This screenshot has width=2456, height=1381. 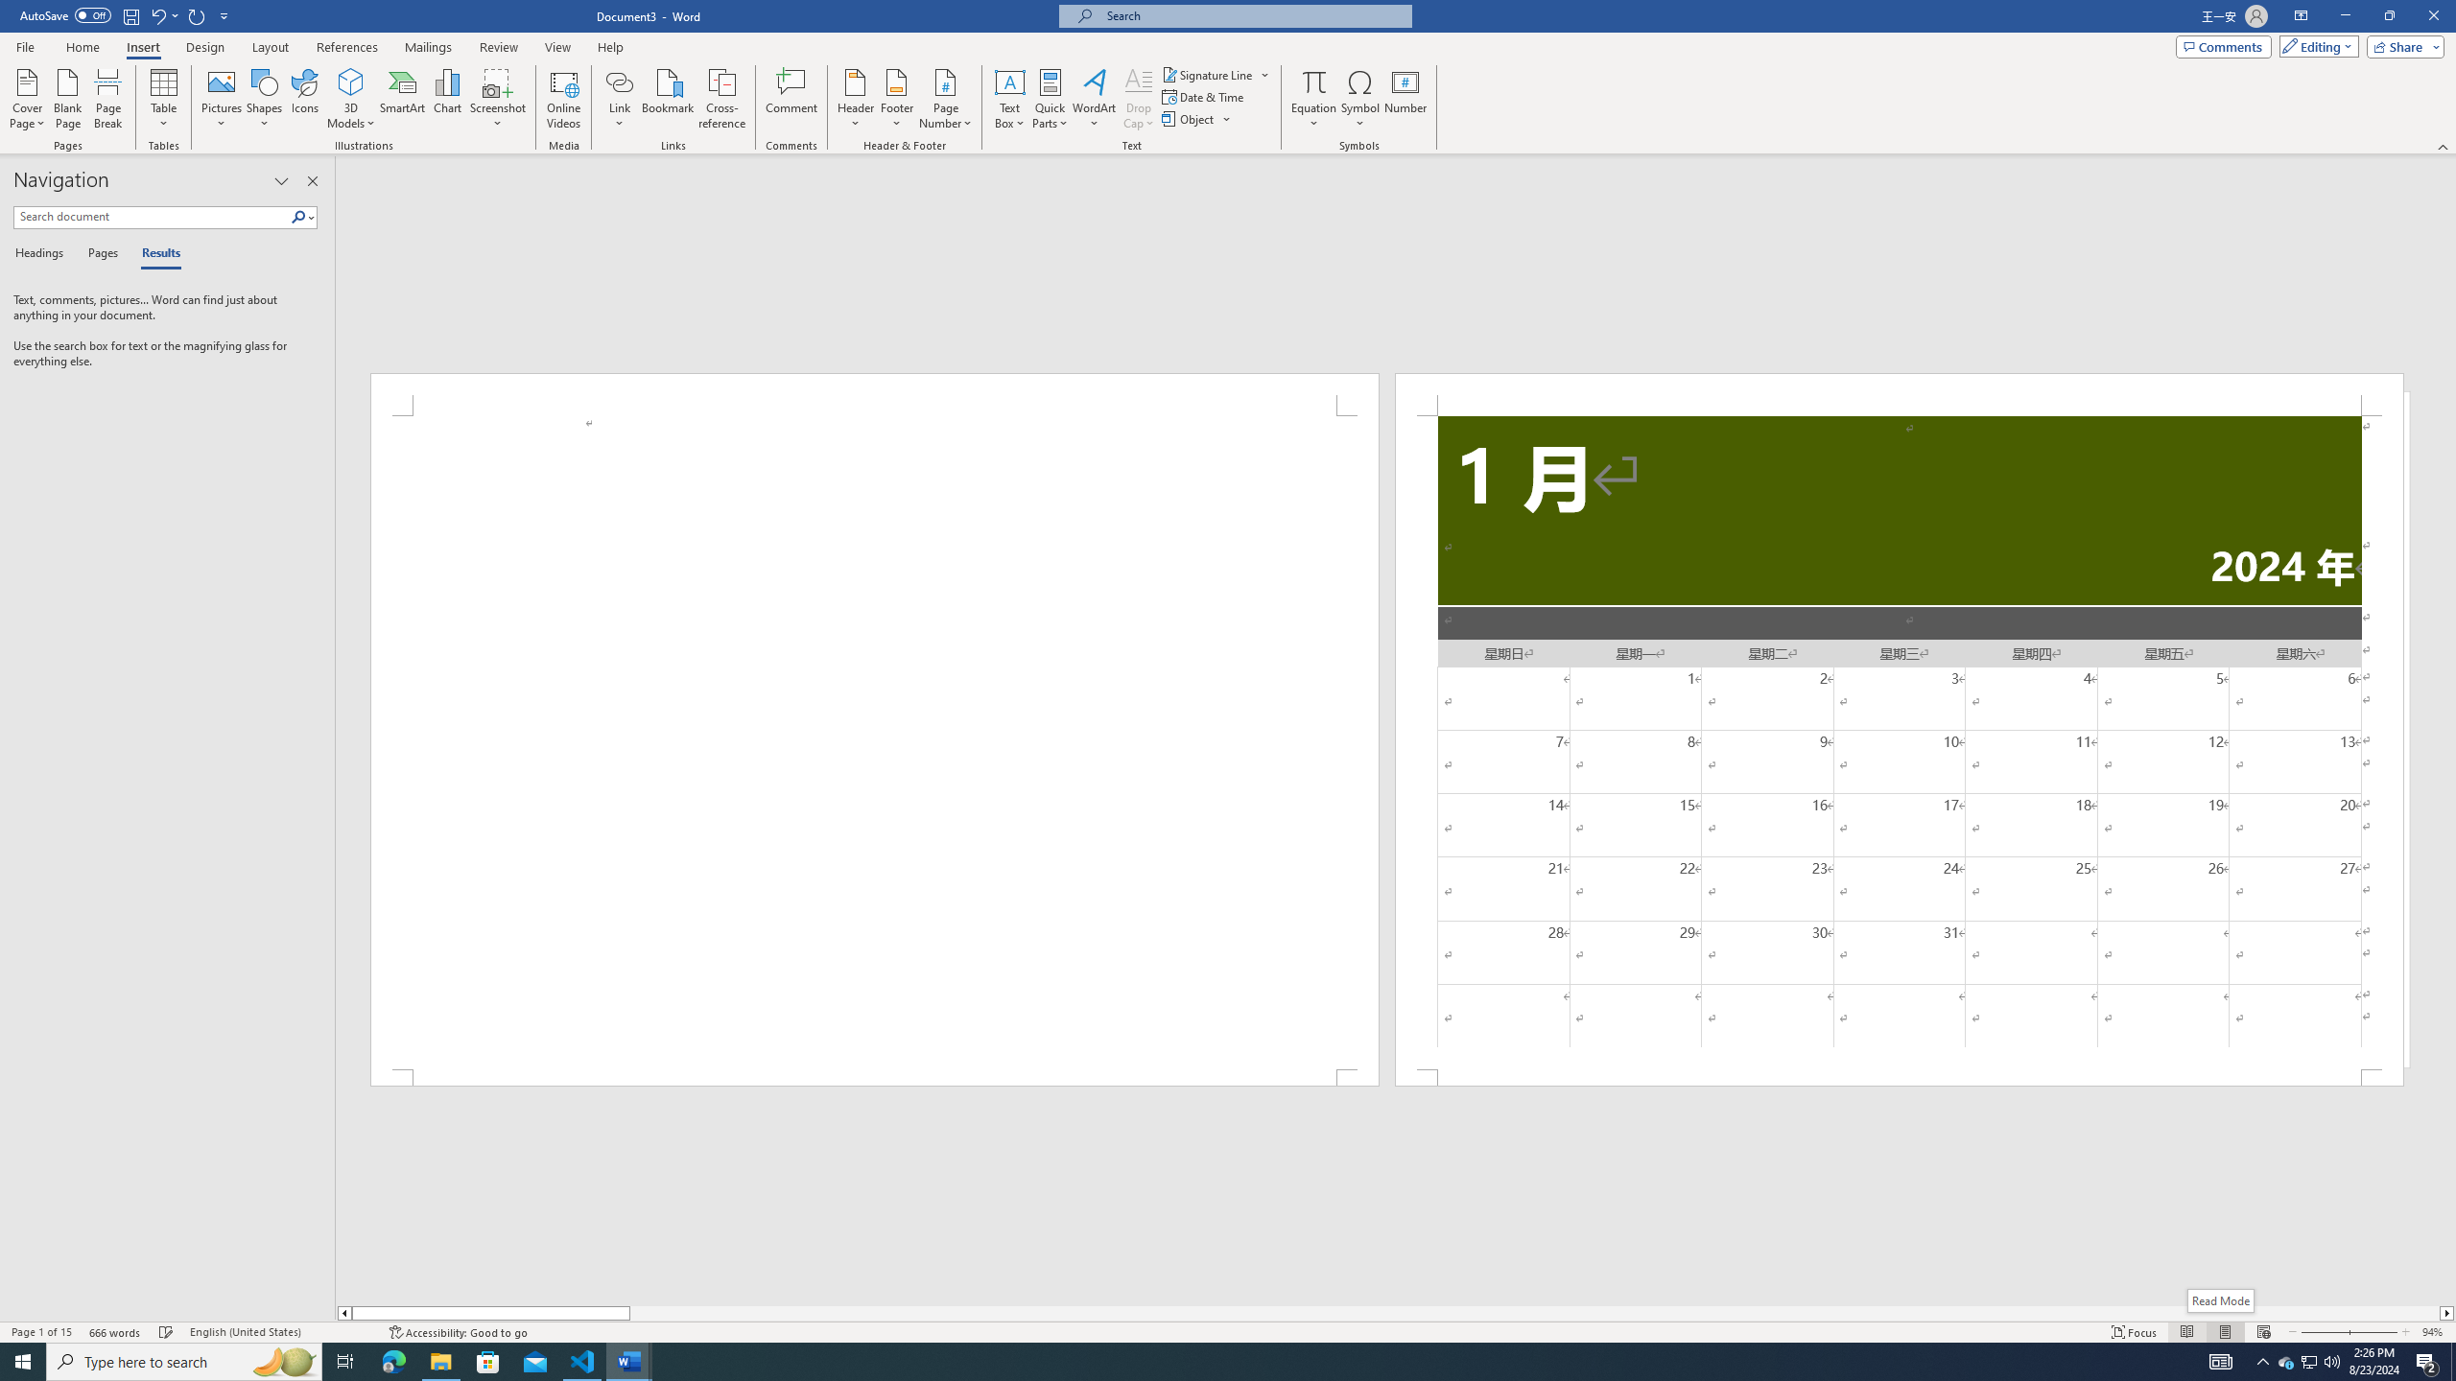 I want to click on 'Language English (United States)', so click(x=278, y=1332).